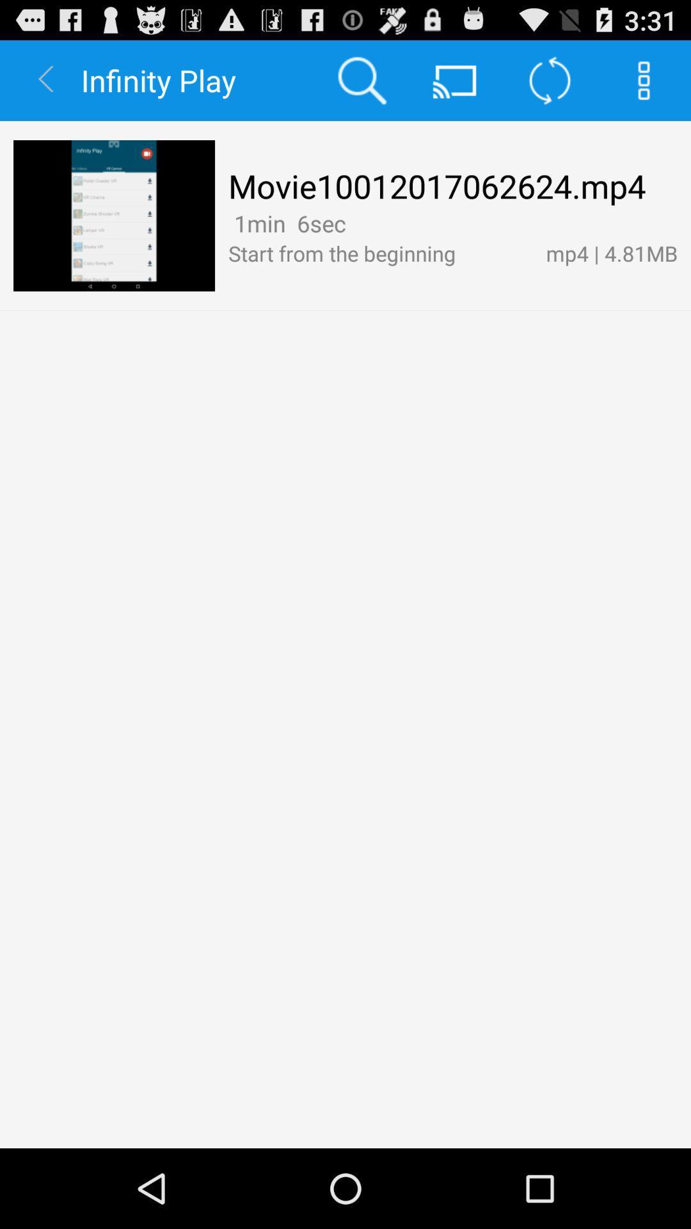 The image size is (691, 1229). What do you see at coordinates (355, 223) in the screenshot?
I see `the item next to the mp4 | 4.81mb icon` at bounding box center [355, 223].